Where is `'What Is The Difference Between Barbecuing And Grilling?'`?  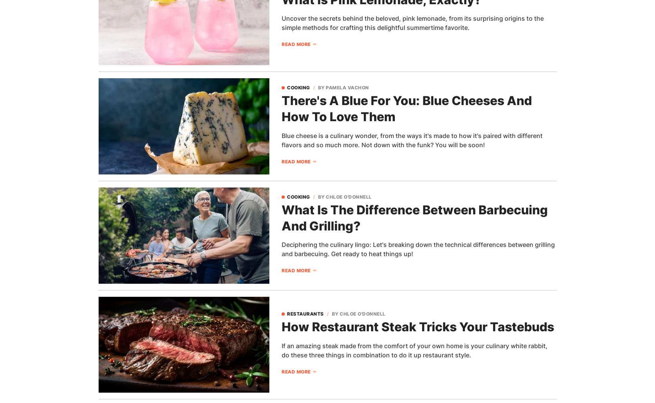 'What Is The Difference Between Barbecuing And Grilling?' is located at coordinates (414, 217).